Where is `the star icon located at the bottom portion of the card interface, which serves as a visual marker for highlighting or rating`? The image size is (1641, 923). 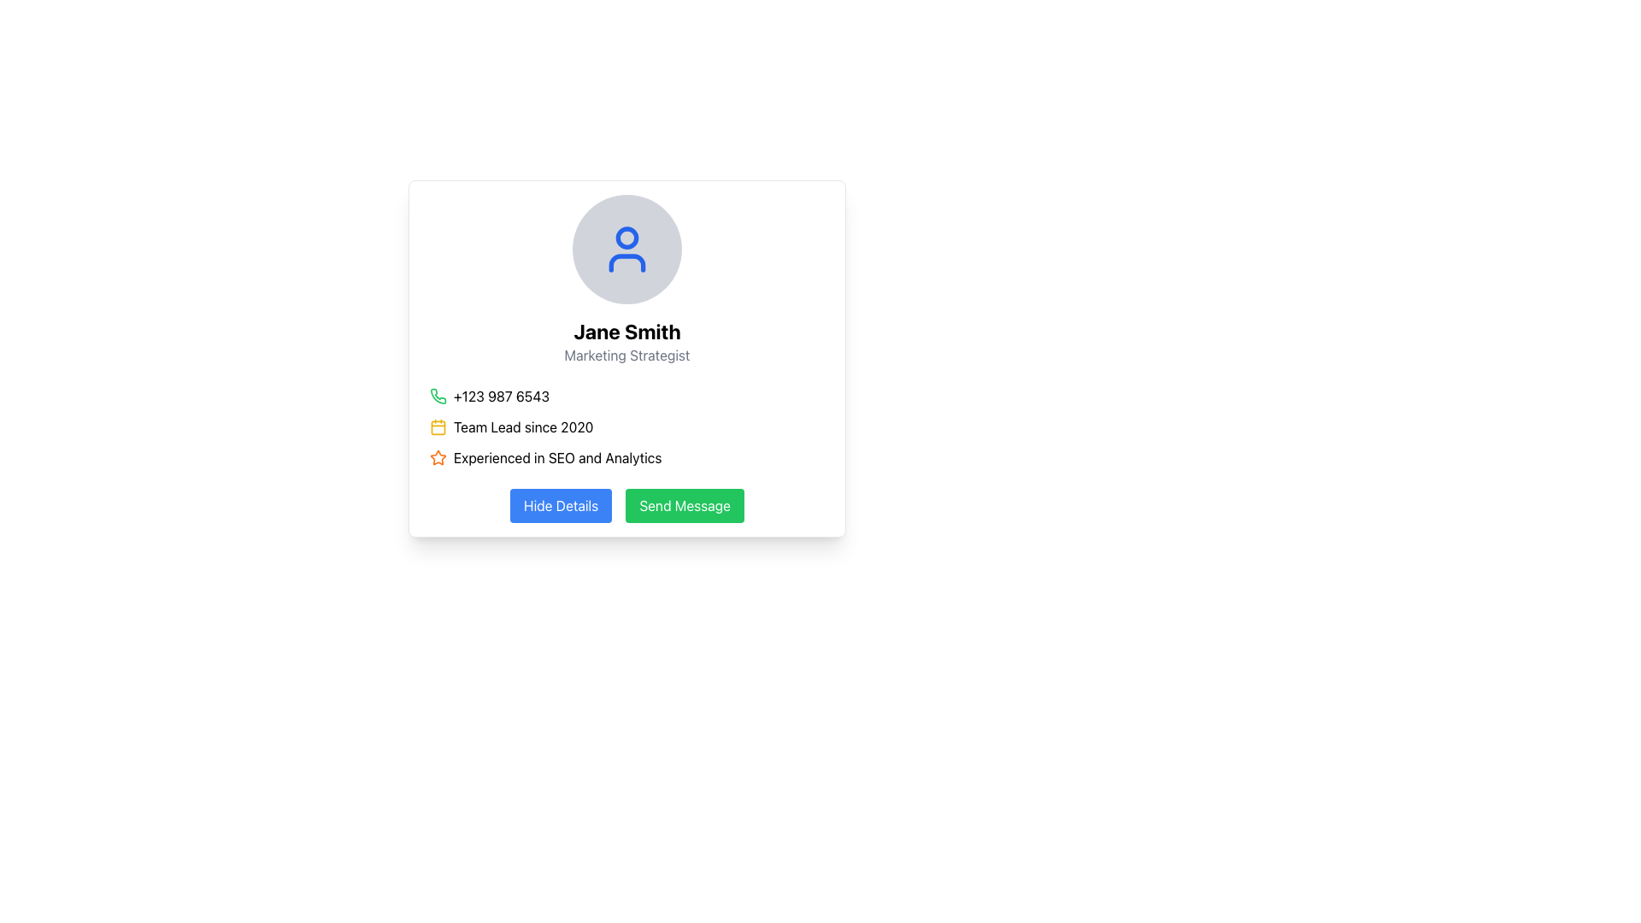
the star icon located at the bottom portion of the card interface, which serves as a visual marker for highlighting or rating is located at coordinates (438, 456).